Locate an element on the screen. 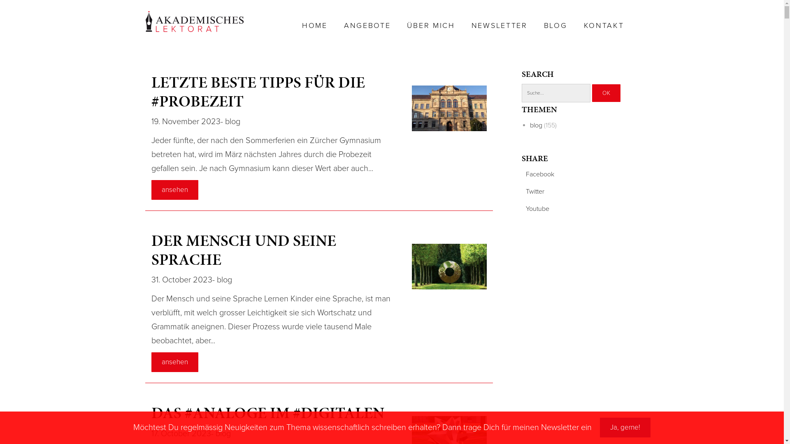 This screenshot has width=790, height=444. 'OK' is located at coordinates (606, 92).